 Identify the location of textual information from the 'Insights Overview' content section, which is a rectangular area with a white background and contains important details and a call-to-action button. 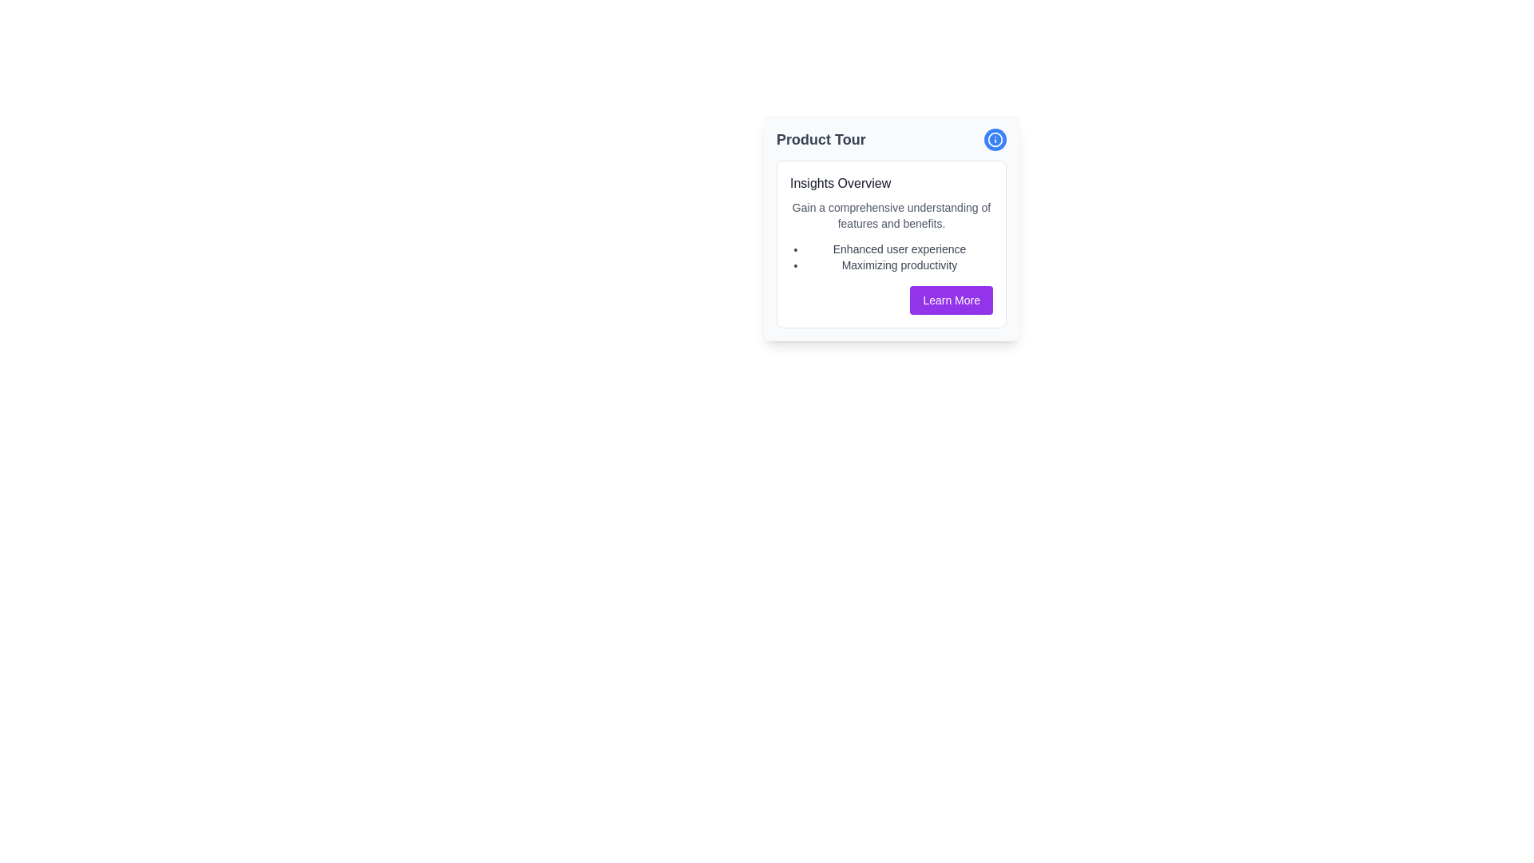
(891, 244).